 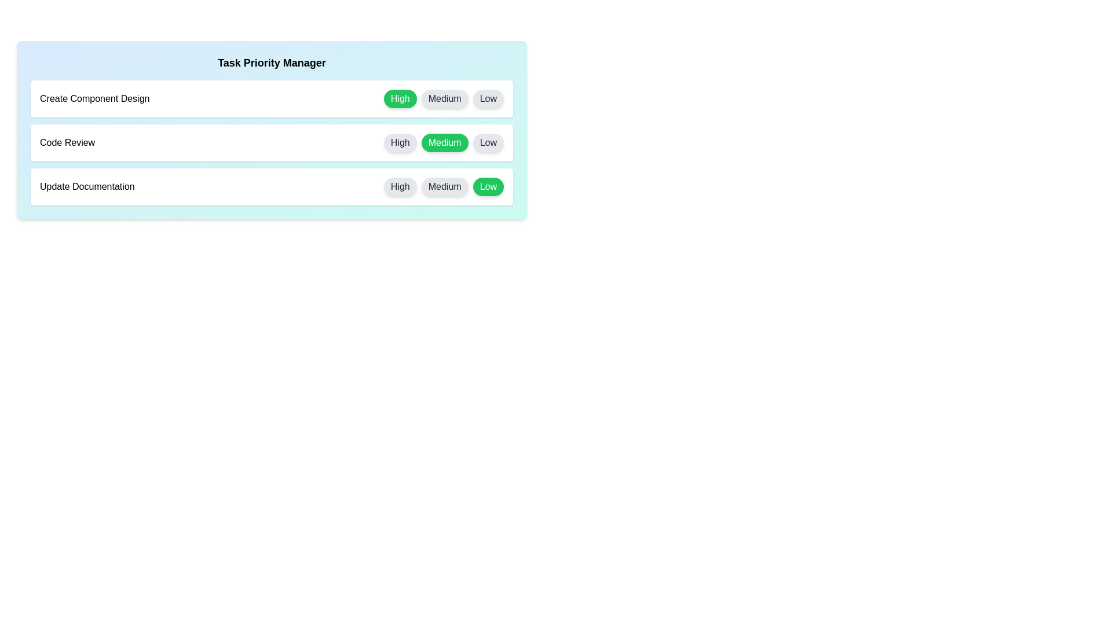 What do you see at coordinates (444, 142) in the screenshot?
I see `the priority button labeled Medium for the task Code Review` at bounding box center [444, 142].